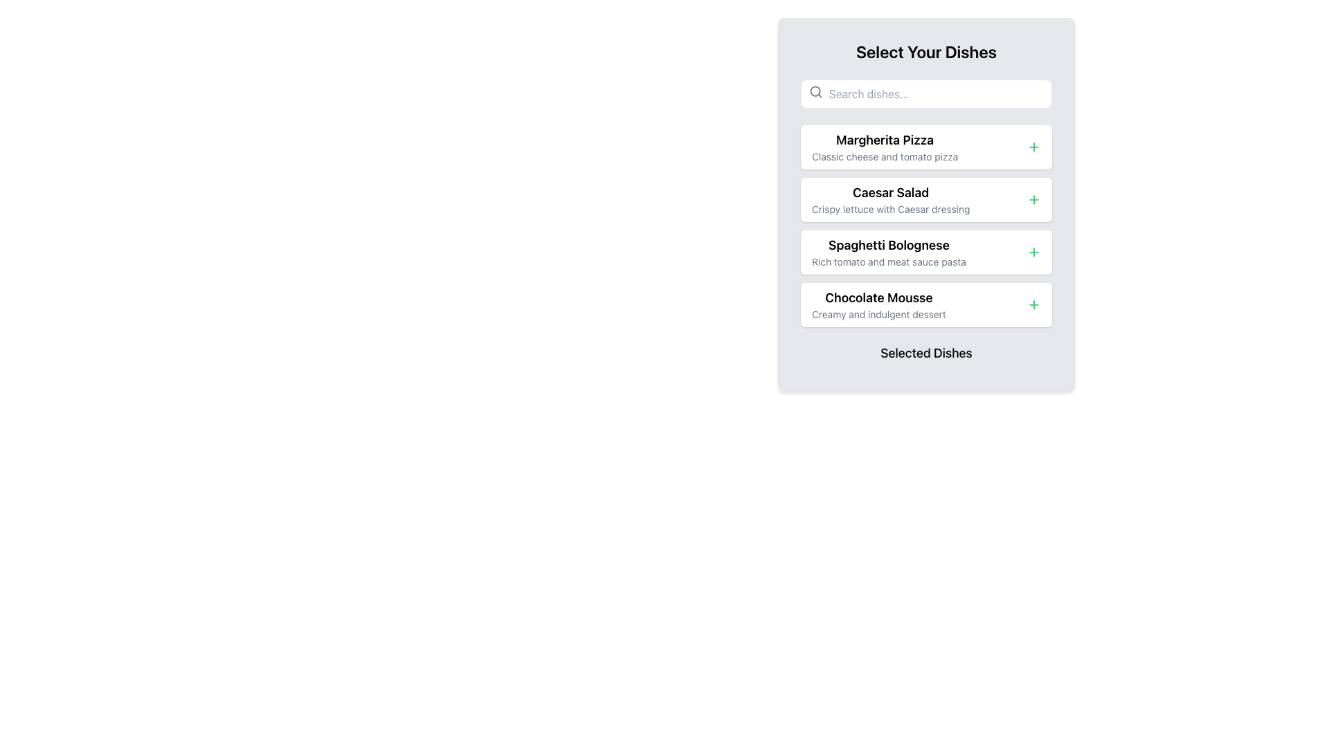 The width and height of the screenshot is (1329, 747). I want to click on the '+' icon next to the List Item for 'Spaghetti Bolognese', so click(926, 252).